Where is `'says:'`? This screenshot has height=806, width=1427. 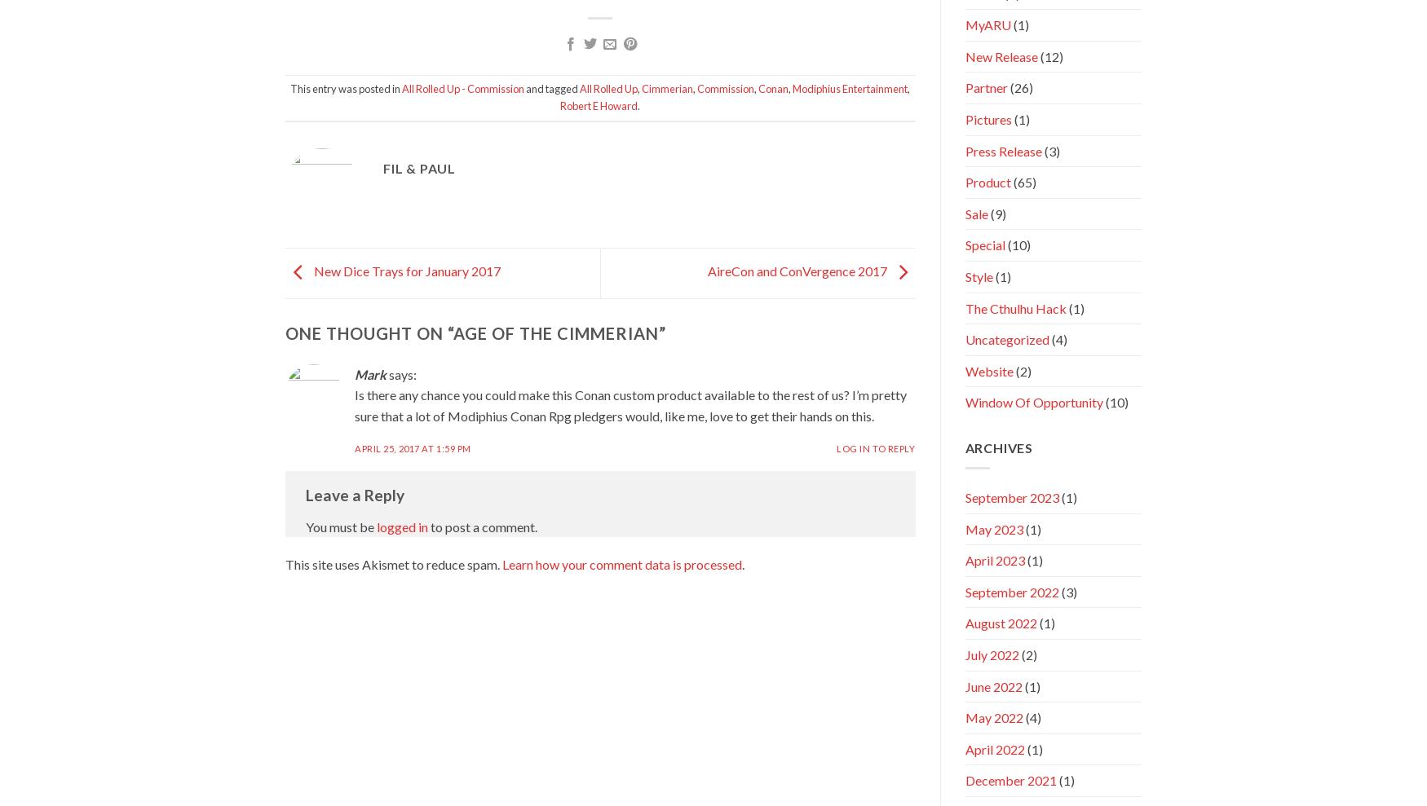
'says:' is located at coordinates (403, 372).